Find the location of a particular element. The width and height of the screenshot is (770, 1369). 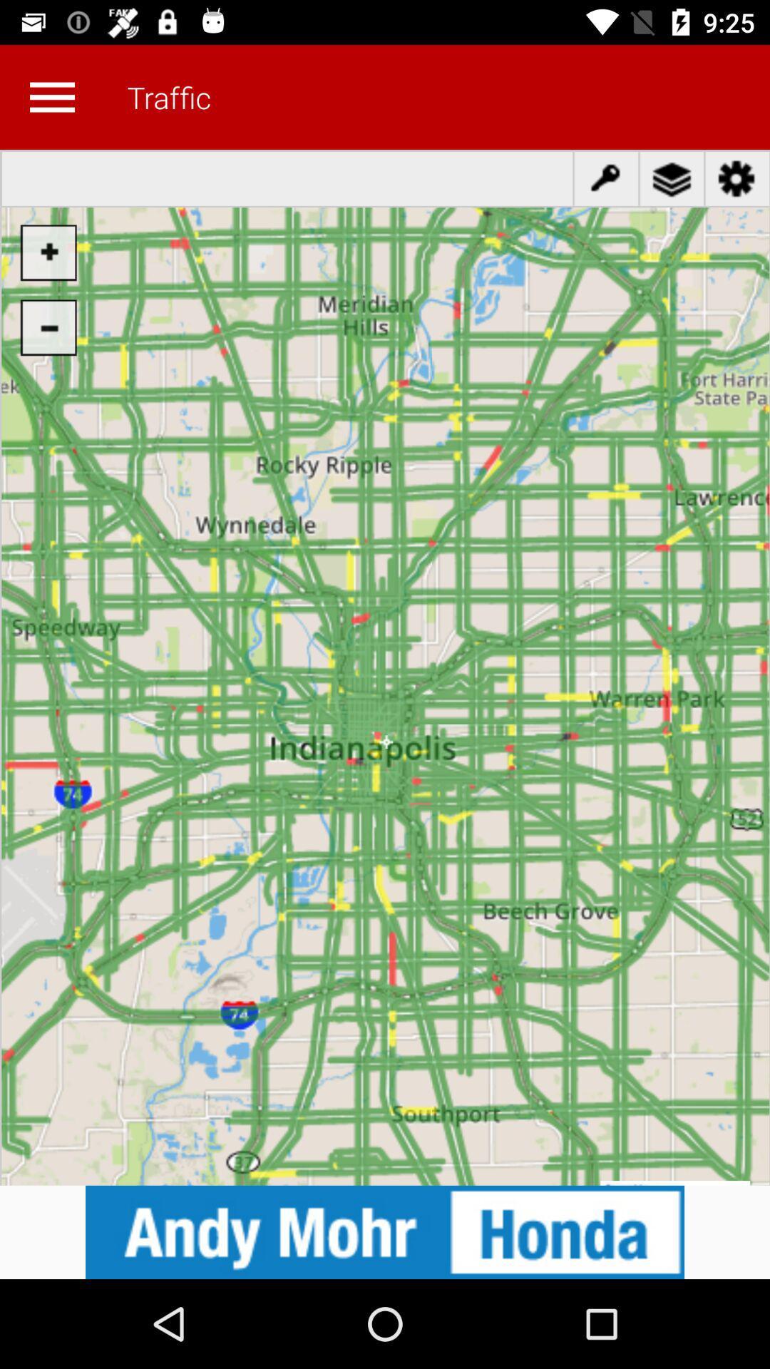

the icon next to traffic icon is located at coordinates (51, 96).